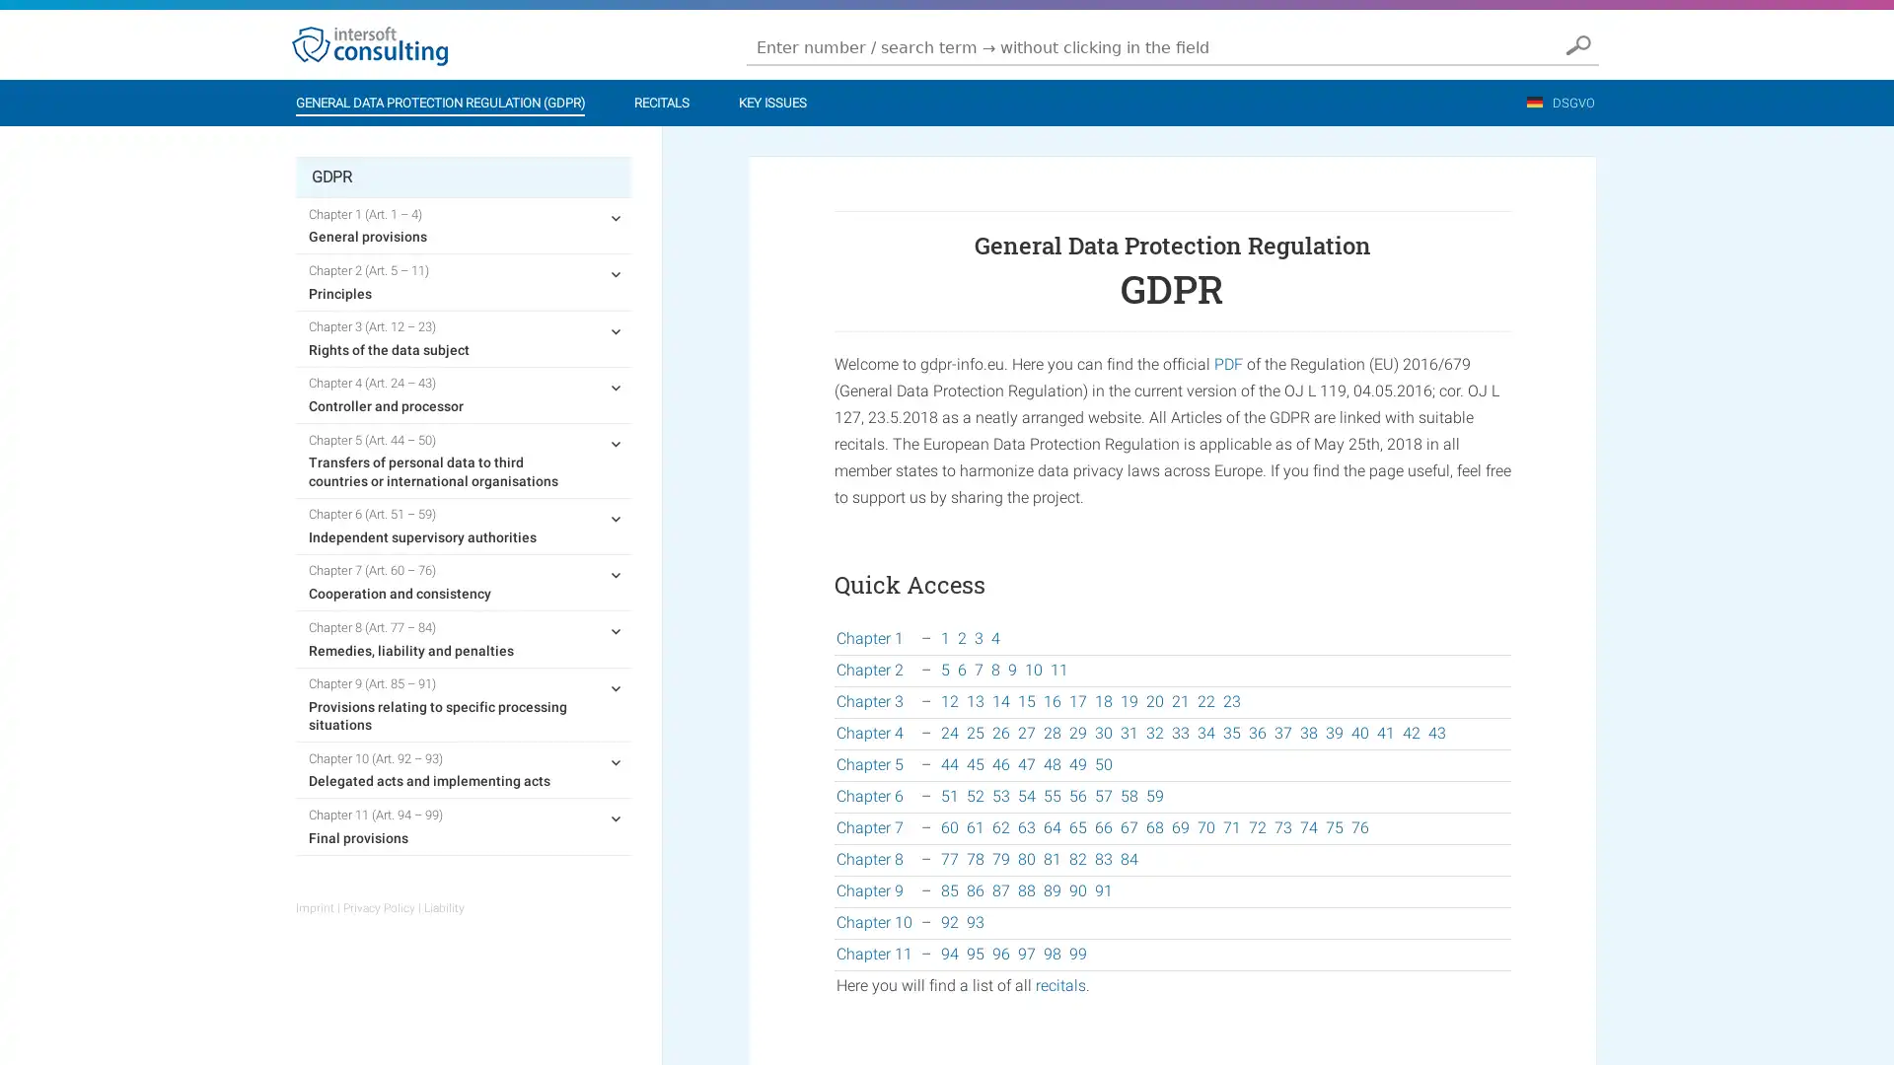 The image size is (1894, 1065). What do you see at coordinates (615, 760) in the screenshot?
I see `expand child menu` at bounding box center [615, 760].